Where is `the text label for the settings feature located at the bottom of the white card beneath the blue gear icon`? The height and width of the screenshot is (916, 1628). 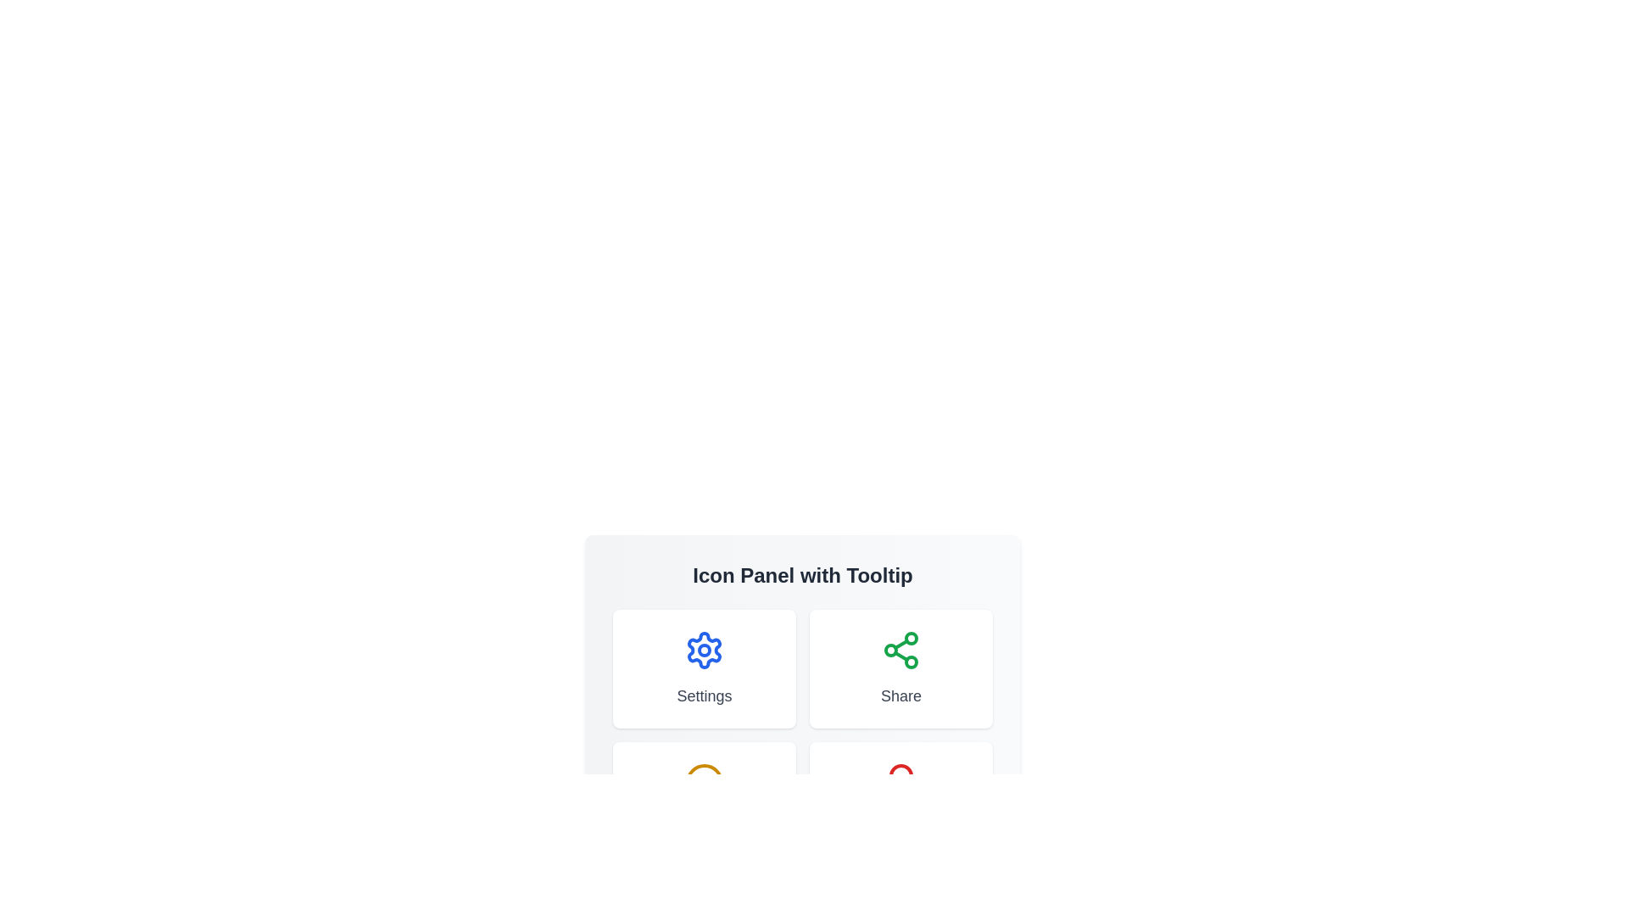
the text label for the settings feature located at the bottom of the white card beneath the blue gear icon is located at coordinates (704, 696).